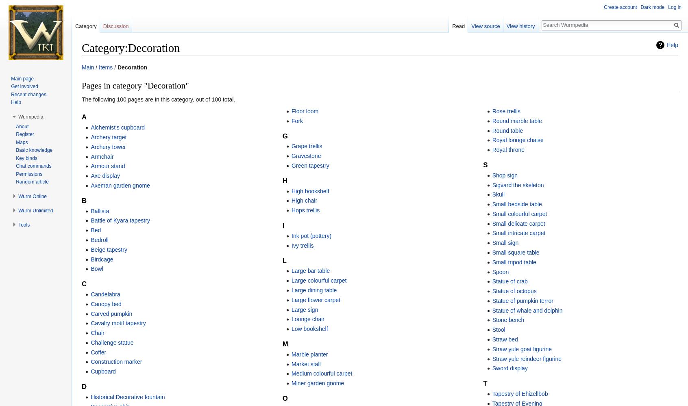  I want to click on 'Beige tapestry', so click(109, 249).